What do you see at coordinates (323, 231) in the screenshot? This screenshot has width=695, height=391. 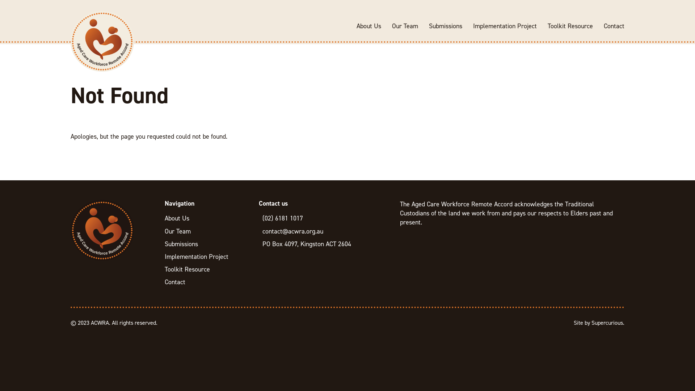 I see `'contact@acwra.org.au'` at bounding box center [323, 231].